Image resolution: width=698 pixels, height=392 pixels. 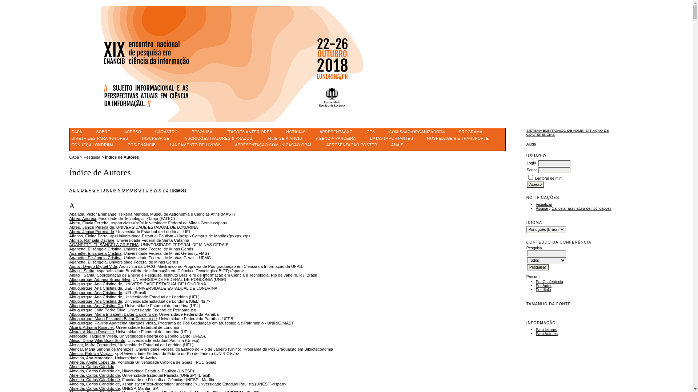 I want to click on 'B', so click(x=74, y=190).